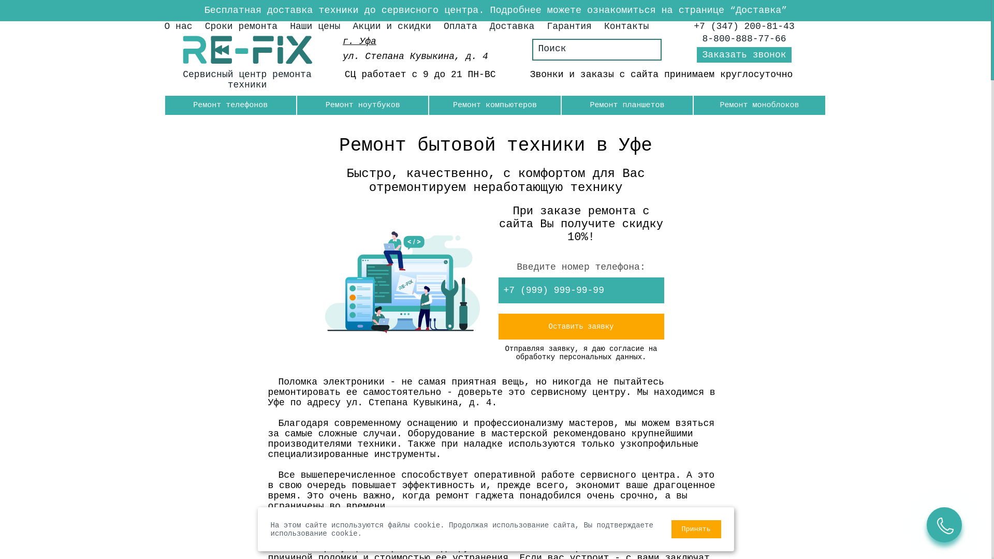 The image size is (994, 559). Describe the element at coordinates (693, 25) in the screenshot. I see `'+7 (347) 200-81-43'` at that location.